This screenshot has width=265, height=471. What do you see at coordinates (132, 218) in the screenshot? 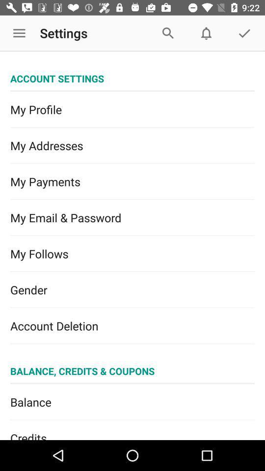
I see `the icon above the my follows` at bounding box center [132, 218].